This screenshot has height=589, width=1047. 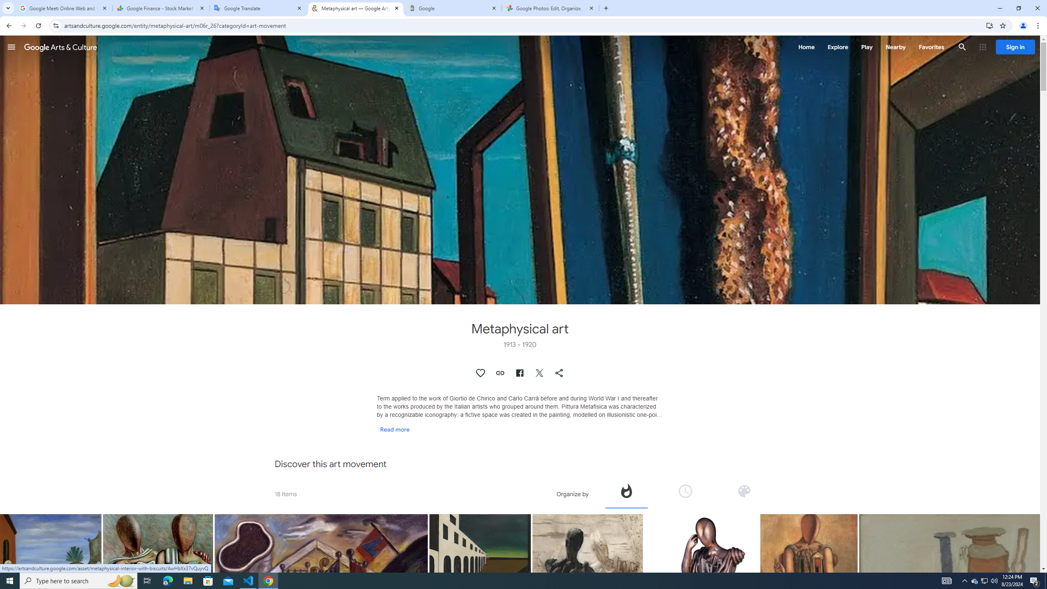 What do you see at coordinates (990, 25) in the screenshot?
I see `'Install Google Arts & Culture'` at bounding box center [990, 25].